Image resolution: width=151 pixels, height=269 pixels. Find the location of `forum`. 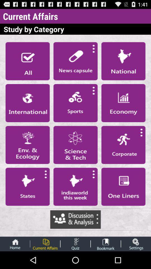

forum is located at coordinates (75, 219).